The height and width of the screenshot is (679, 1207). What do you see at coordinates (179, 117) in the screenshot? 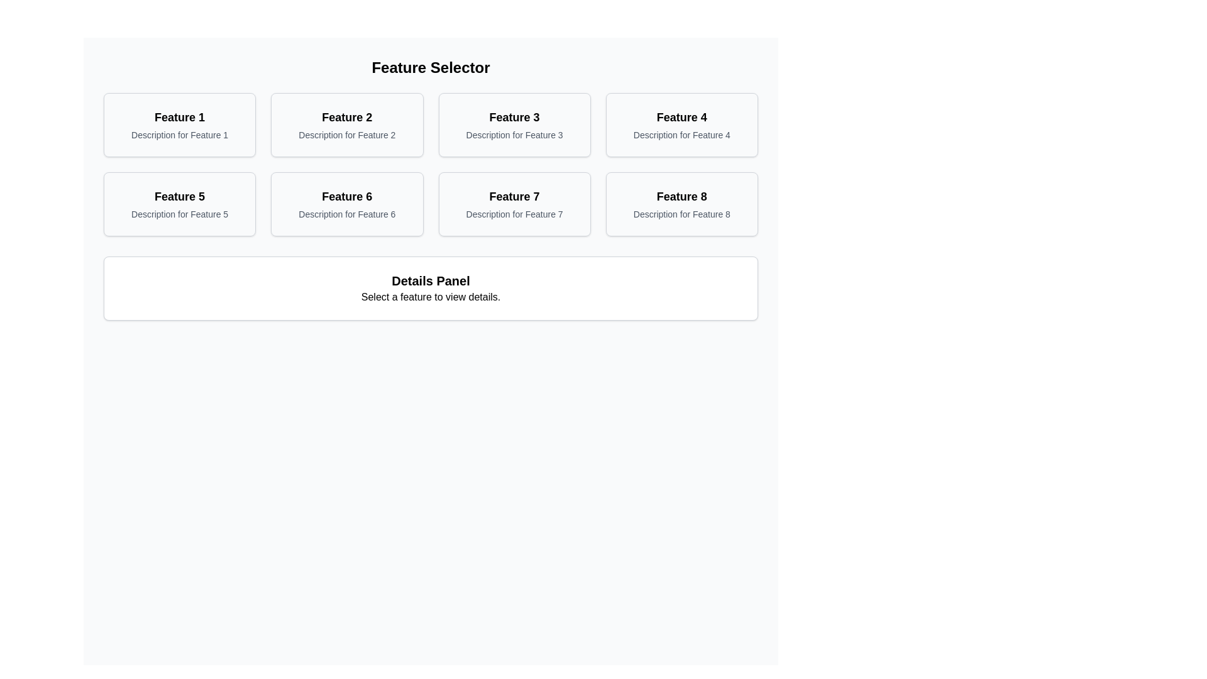
I see `the primary text label indicating 'Feature 1' in the top-left portion of the feature description card` at bounding box center [179, 117].